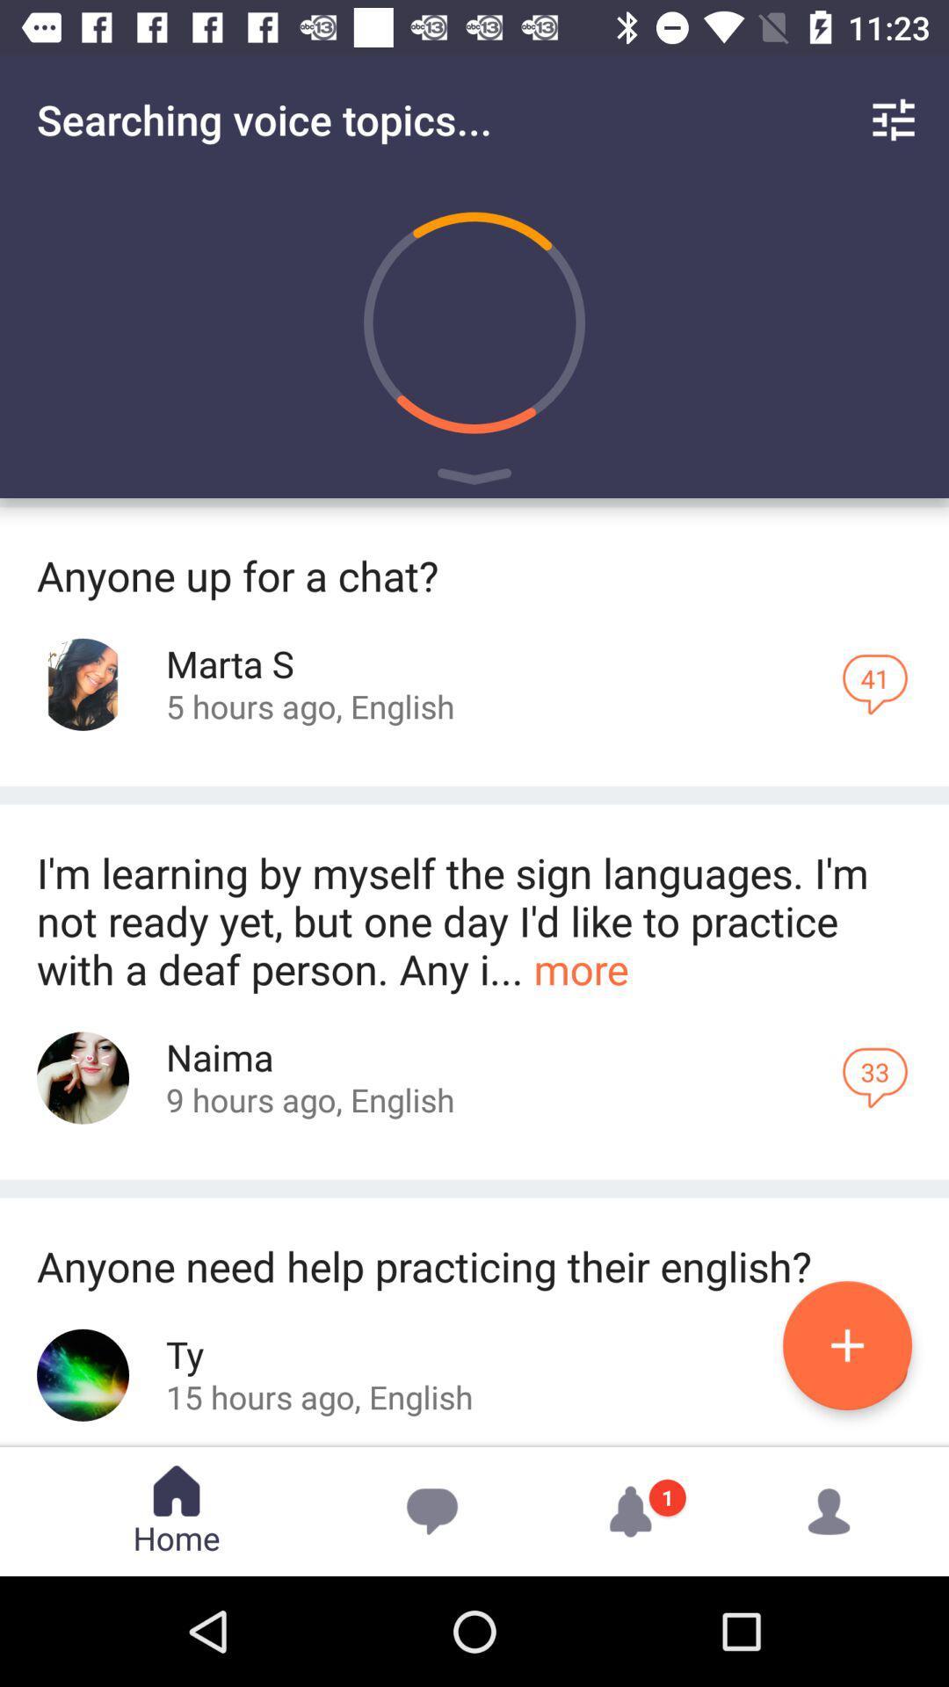 The image size is (949, 1687). I want to click on minimize button, so click(474, 480).